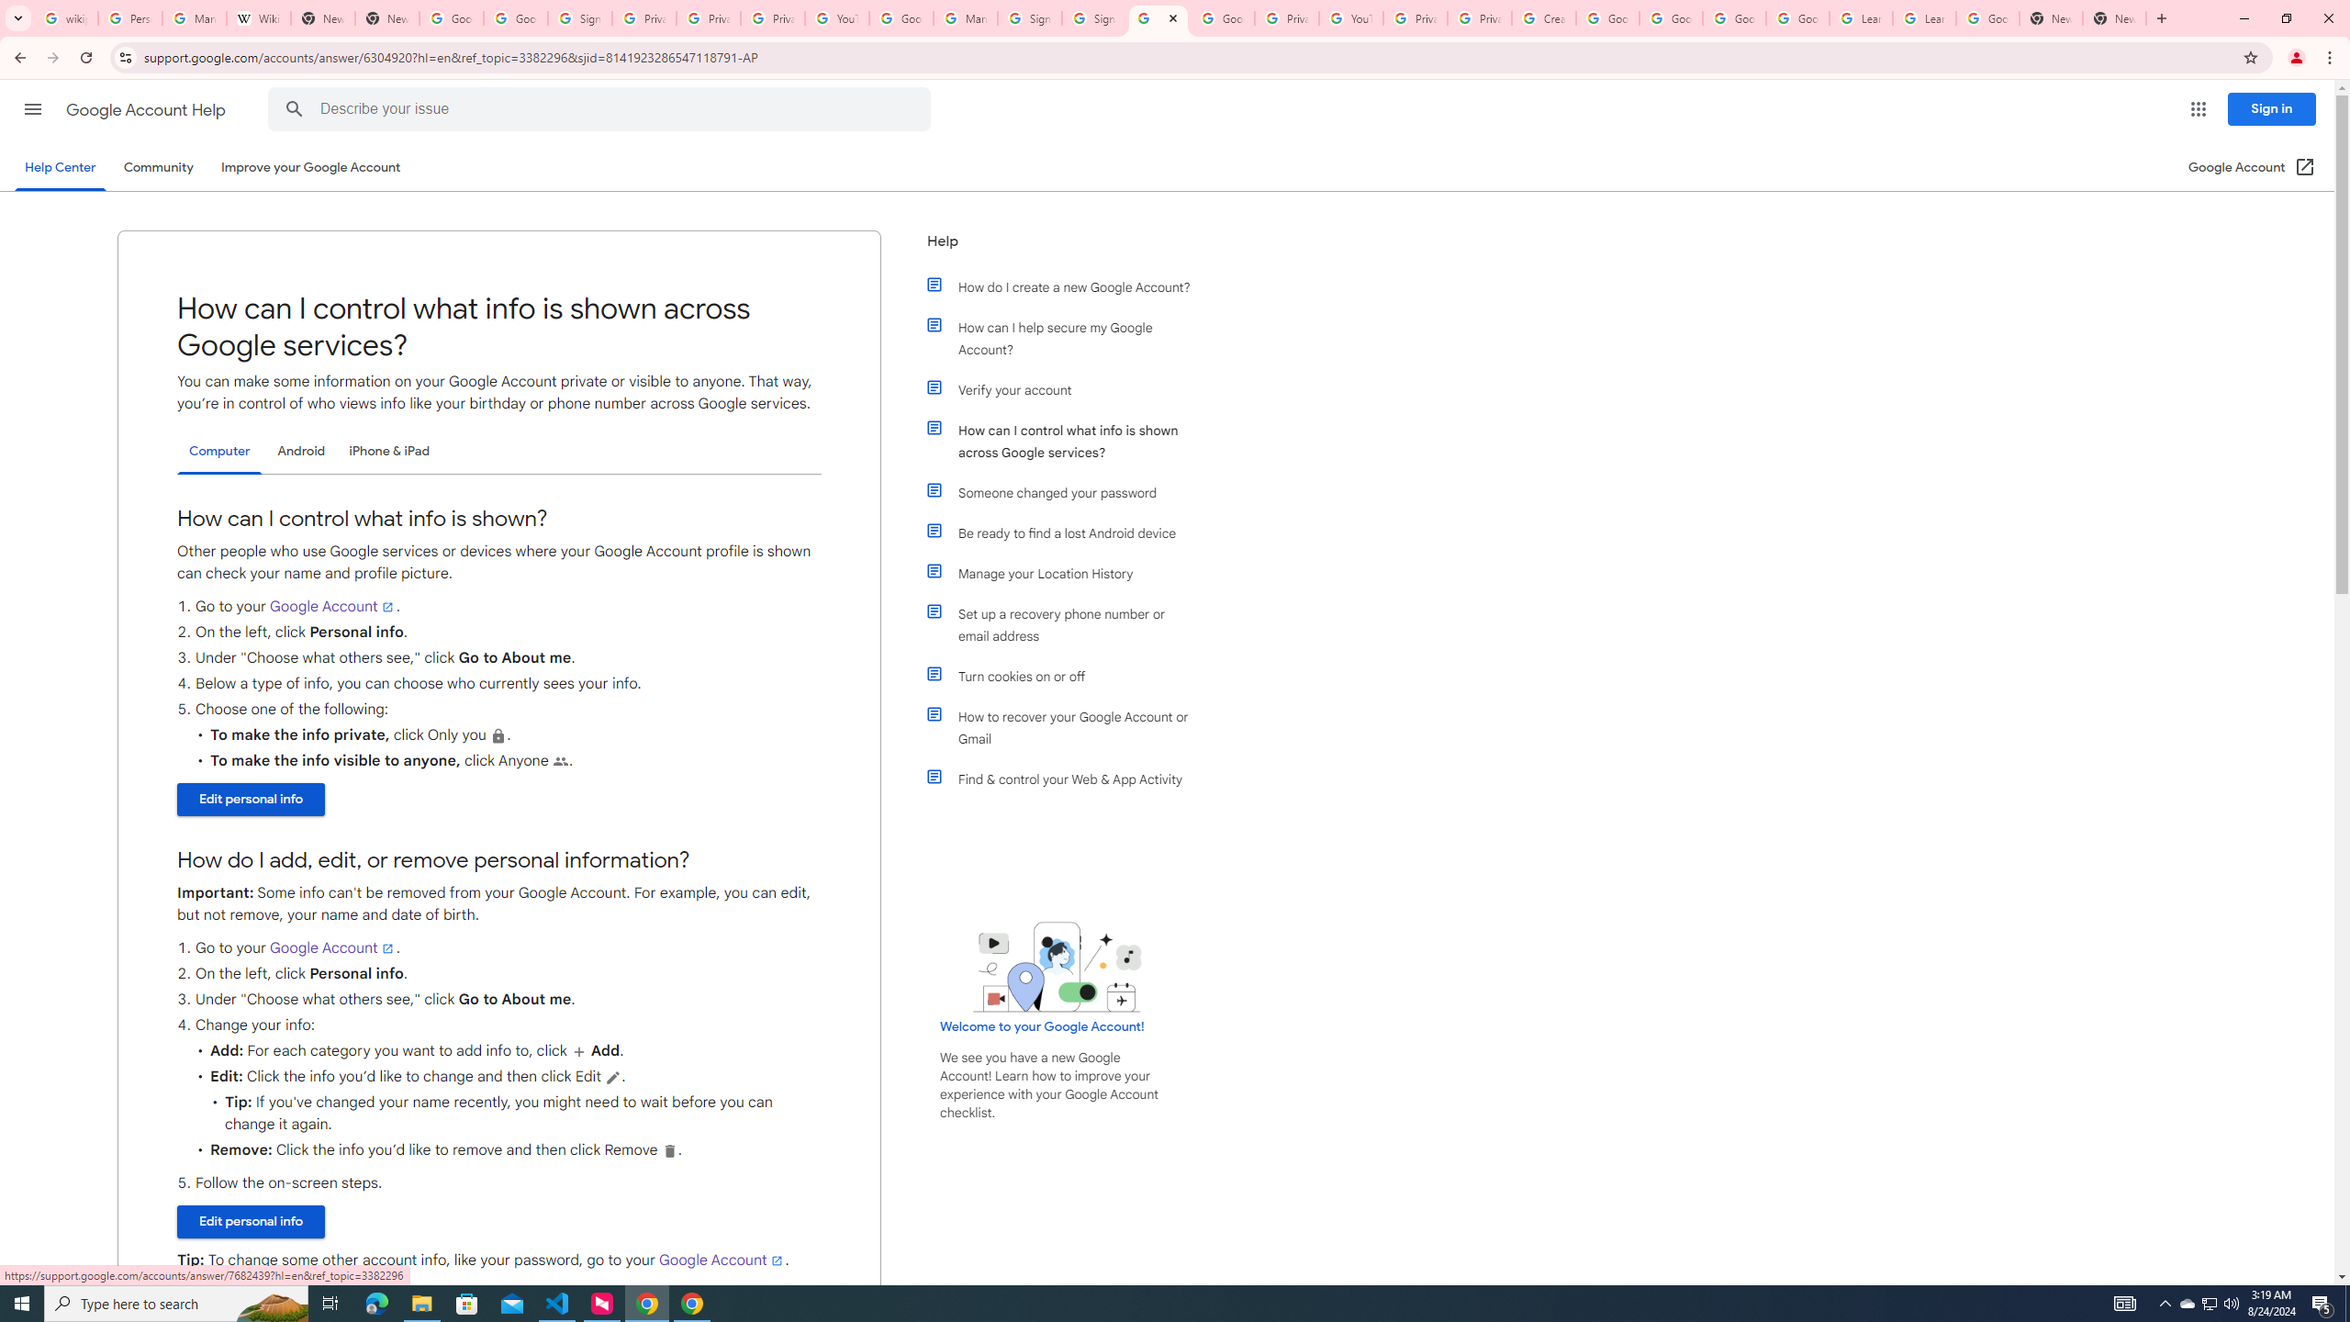 The width and height of the screenshot is (2350, 1322). What do you see at coordinates (1067, 338) in the screenshot?
I see `'How can I help secure my Google Account?'` at bounding box center [1067, 338].